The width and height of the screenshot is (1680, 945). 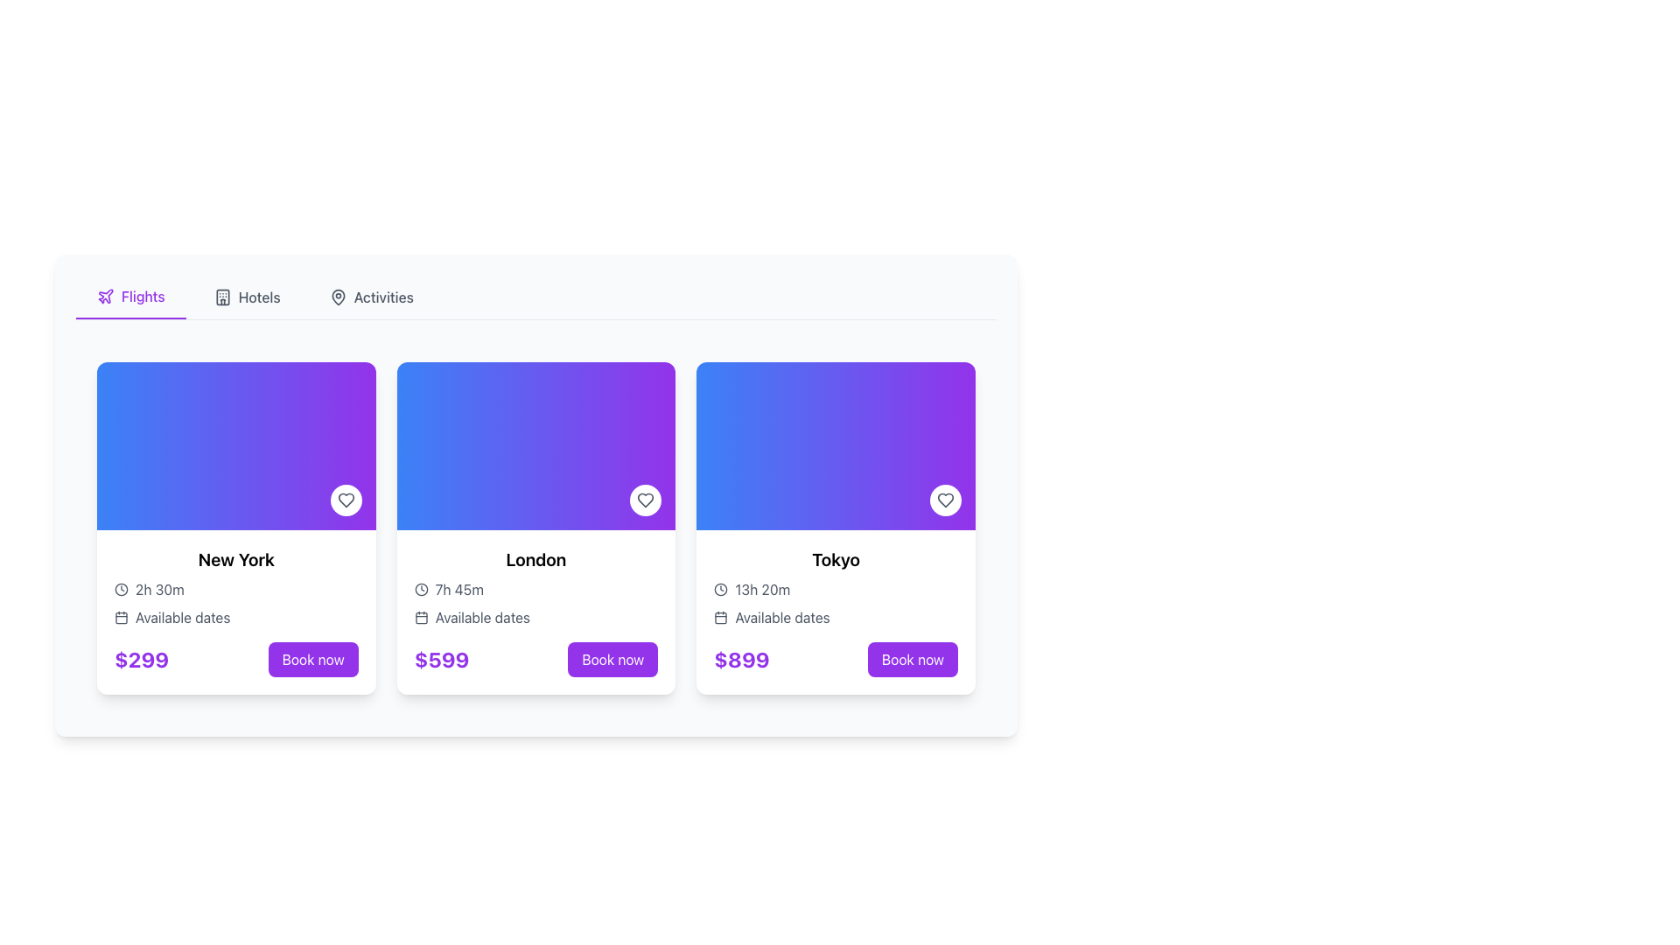 I want to click on the 'Flights' tab button, which is currently highlighted in purple and located in the top-left section of the navigation bar, so click(x=129, y=296).